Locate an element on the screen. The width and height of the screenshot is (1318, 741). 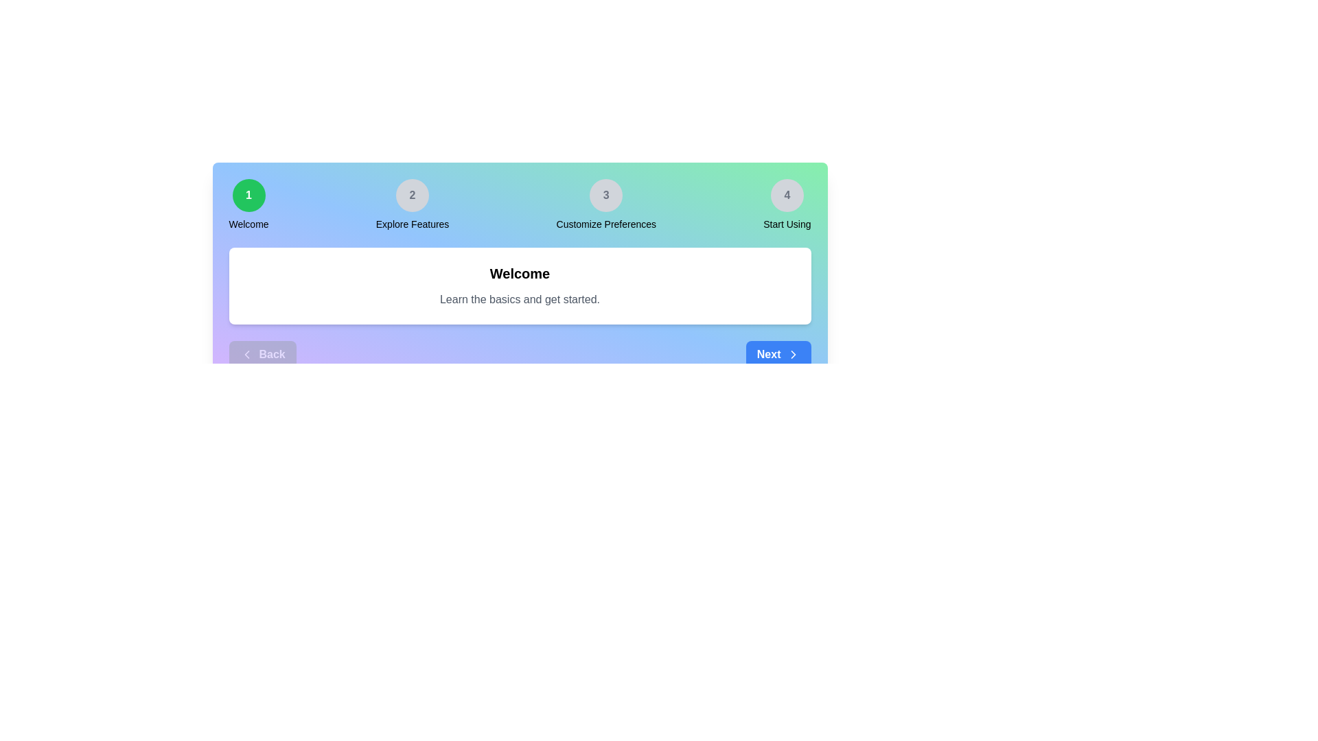
the 'Back' button to navigate to the previous step is located at coordinates (262, 353).